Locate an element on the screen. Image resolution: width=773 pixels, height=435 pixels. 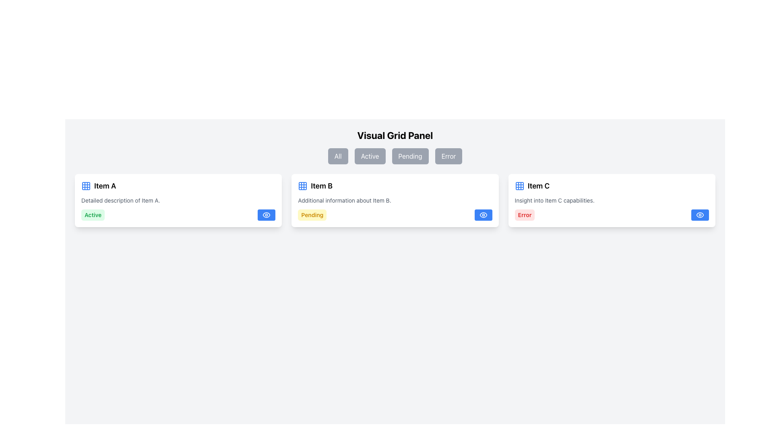
the Card Component with the title 'Item A' that is styled with a rounded border and a green badge labeled 'Active' in the bottom left is located at coordinates (178, 200).